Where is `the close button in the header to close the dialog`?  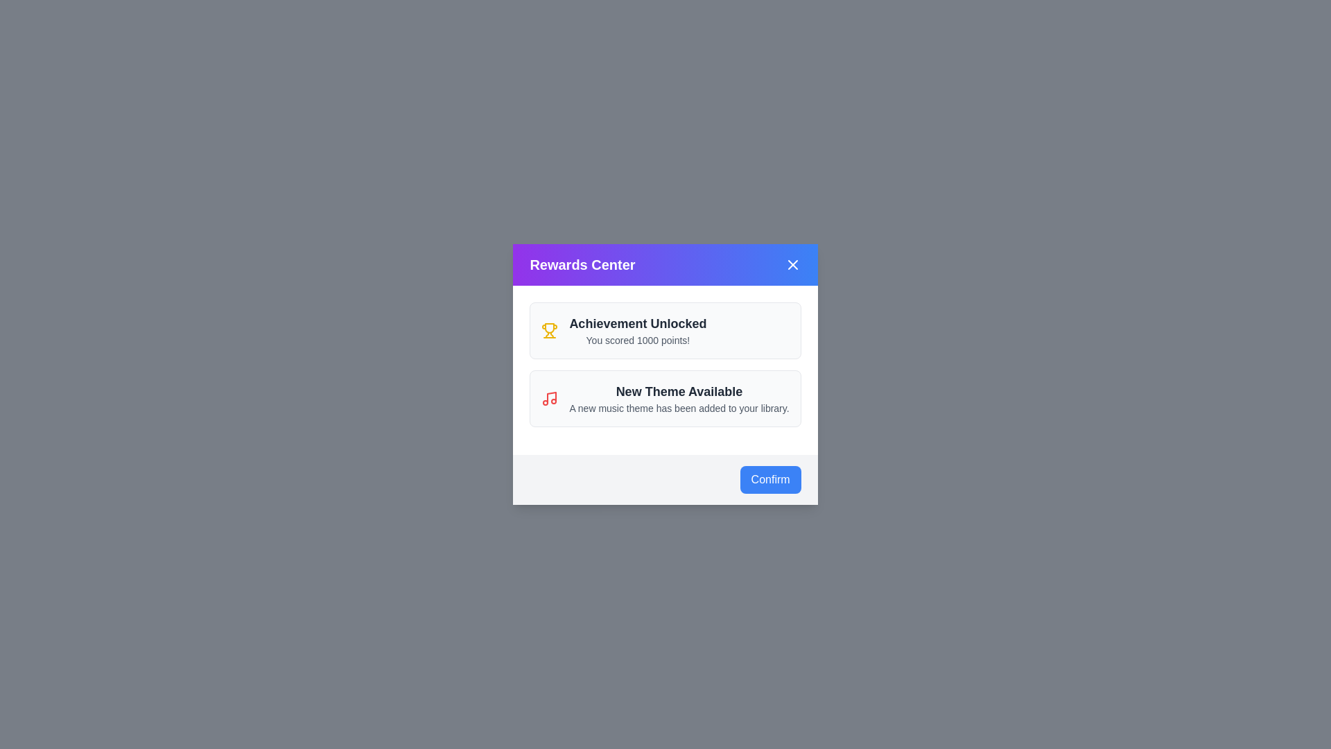 the close button in the header to close the dialog is located at coordinates (792, 264).